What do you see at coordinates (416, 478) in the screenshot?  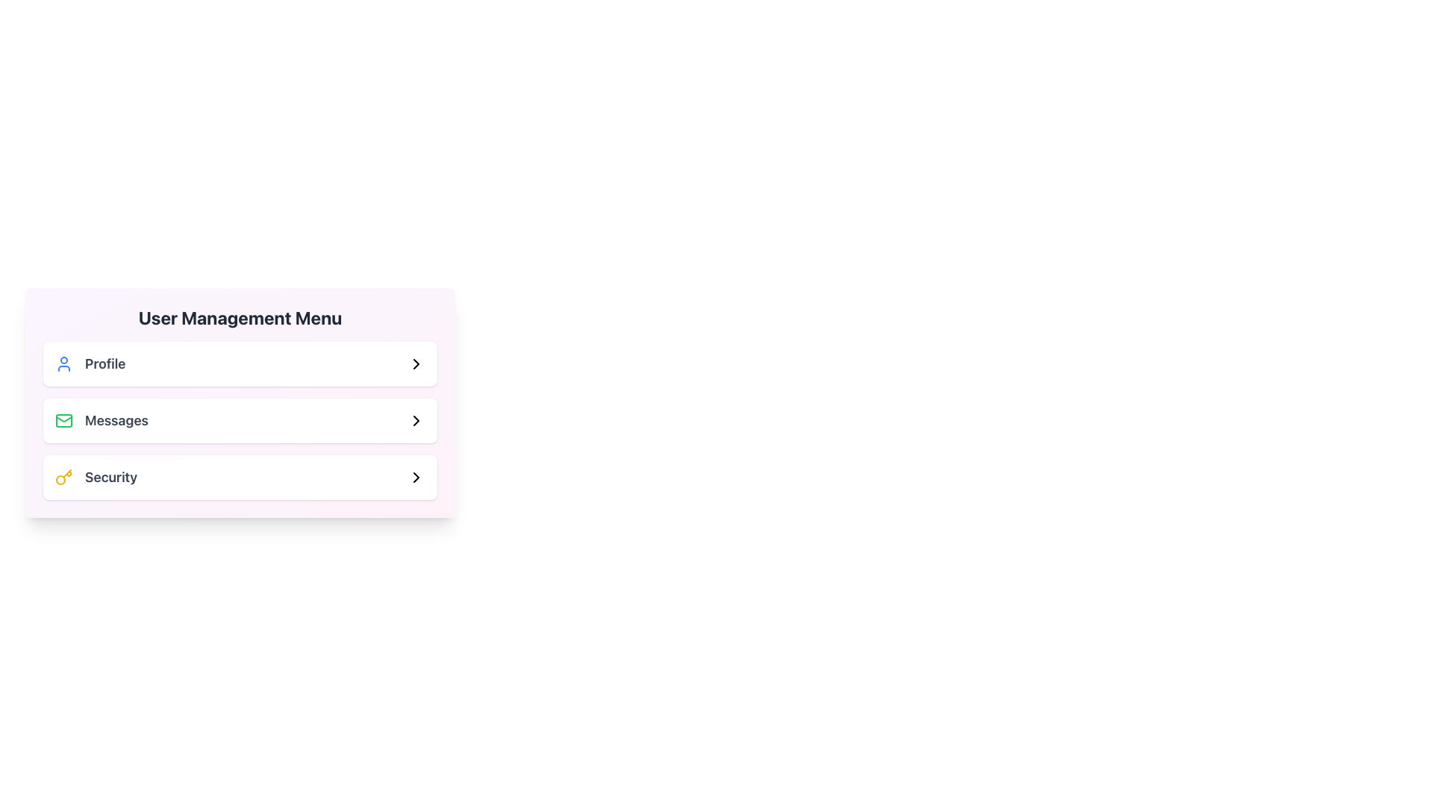 I see `the chevron icon located in the lower-right corner of the 'Security' menu item in the 'User Management Menu'` at bounding box center [416, 478].